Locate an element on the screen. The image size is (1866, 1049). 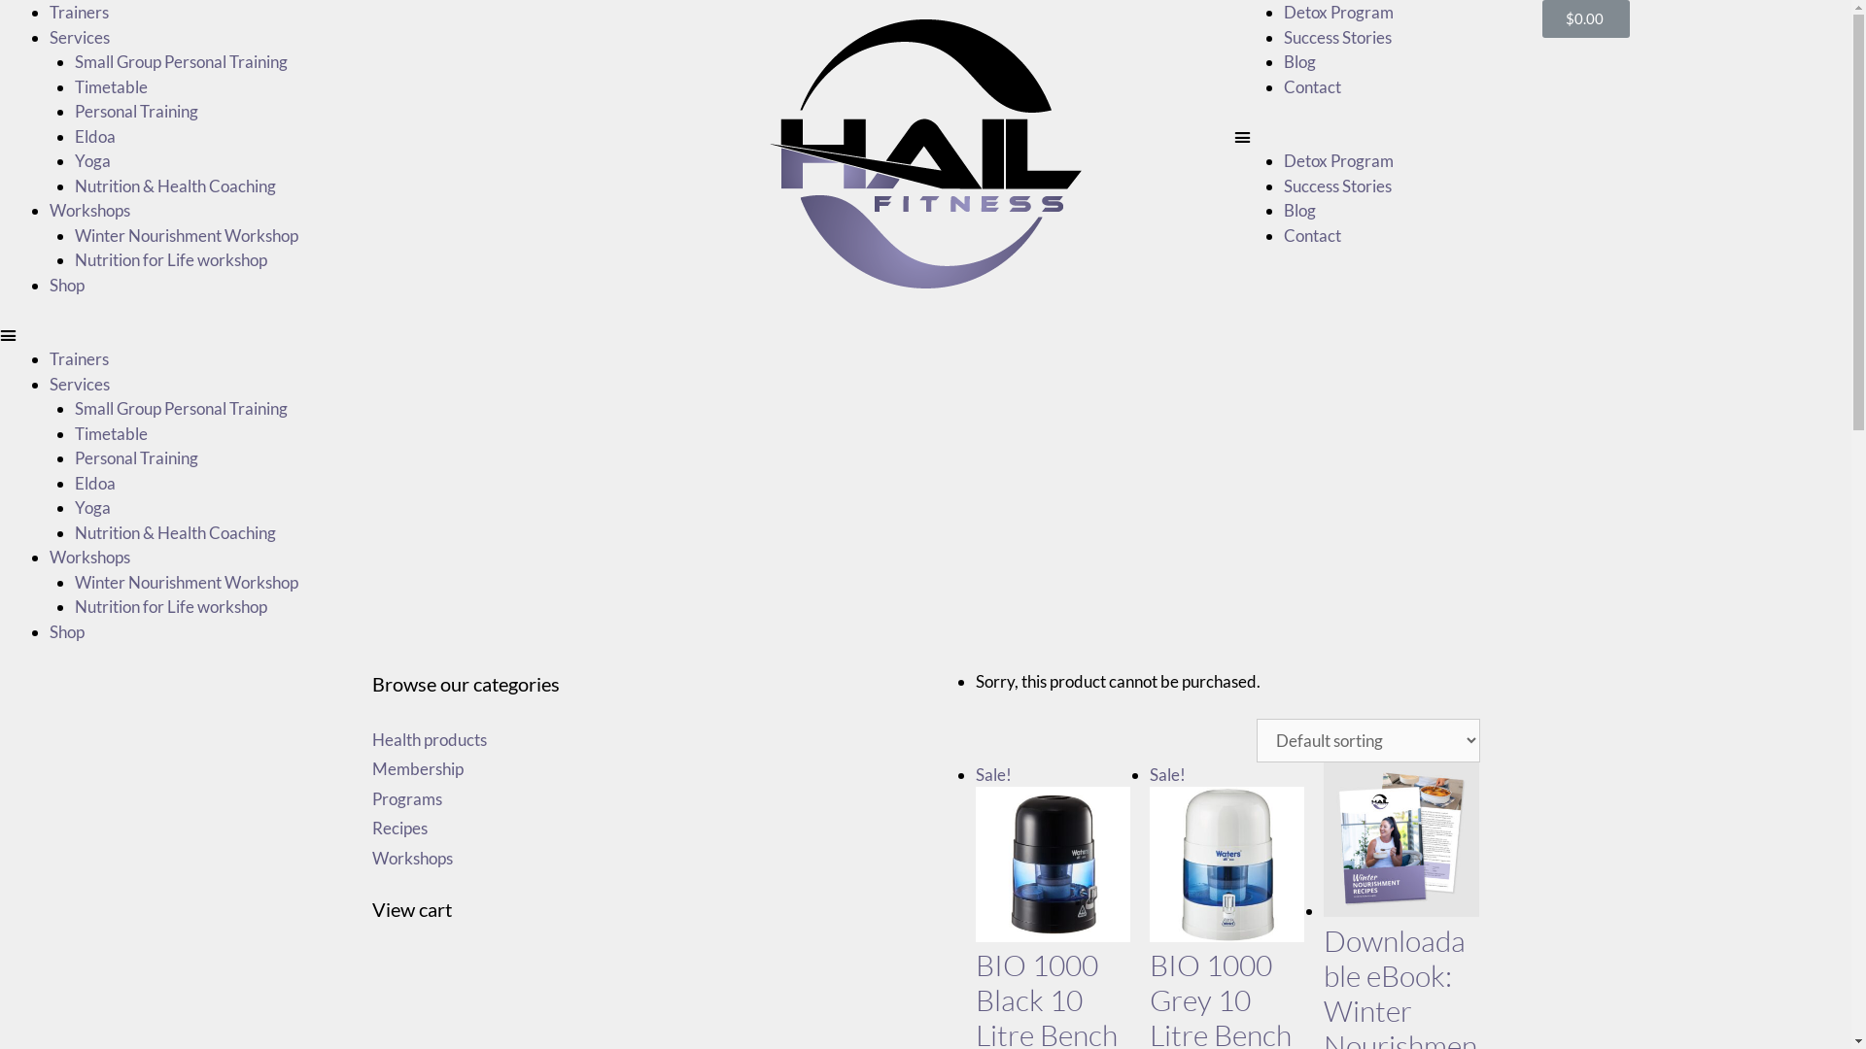
'Services' is located at coordinates (78, 383).